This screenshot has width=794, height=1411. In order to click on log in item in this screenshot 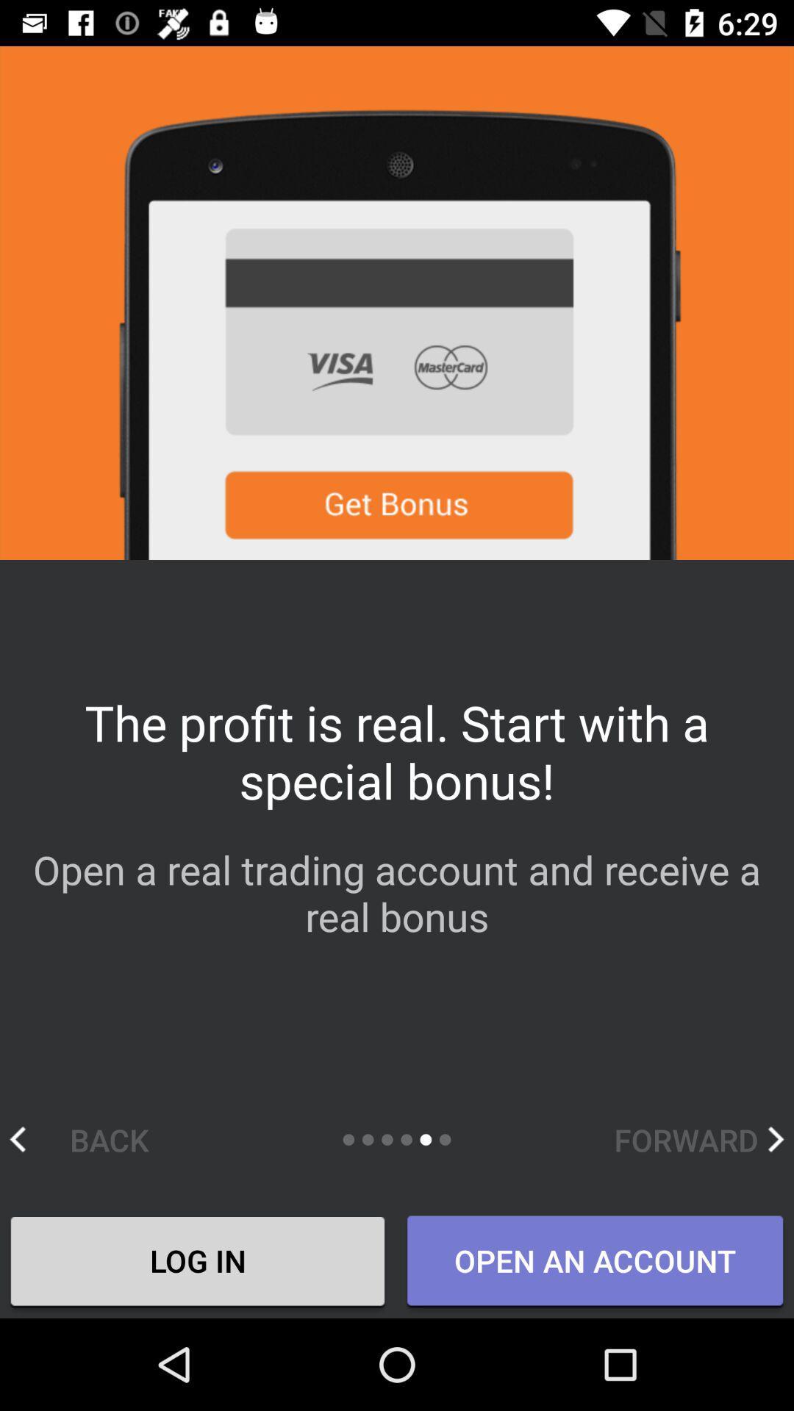, I will do `click(197, 1262)`.